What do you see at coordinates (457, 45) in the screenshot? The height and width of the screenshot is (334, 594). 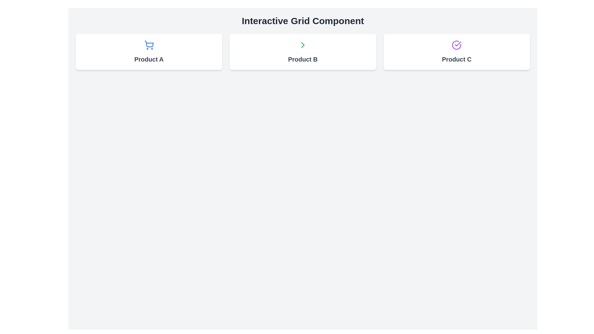 I see `the purple circular icon with a checkmark inside it, which is located in the rightmost card labeled 'Product C'` at bounding box center [457, 45].